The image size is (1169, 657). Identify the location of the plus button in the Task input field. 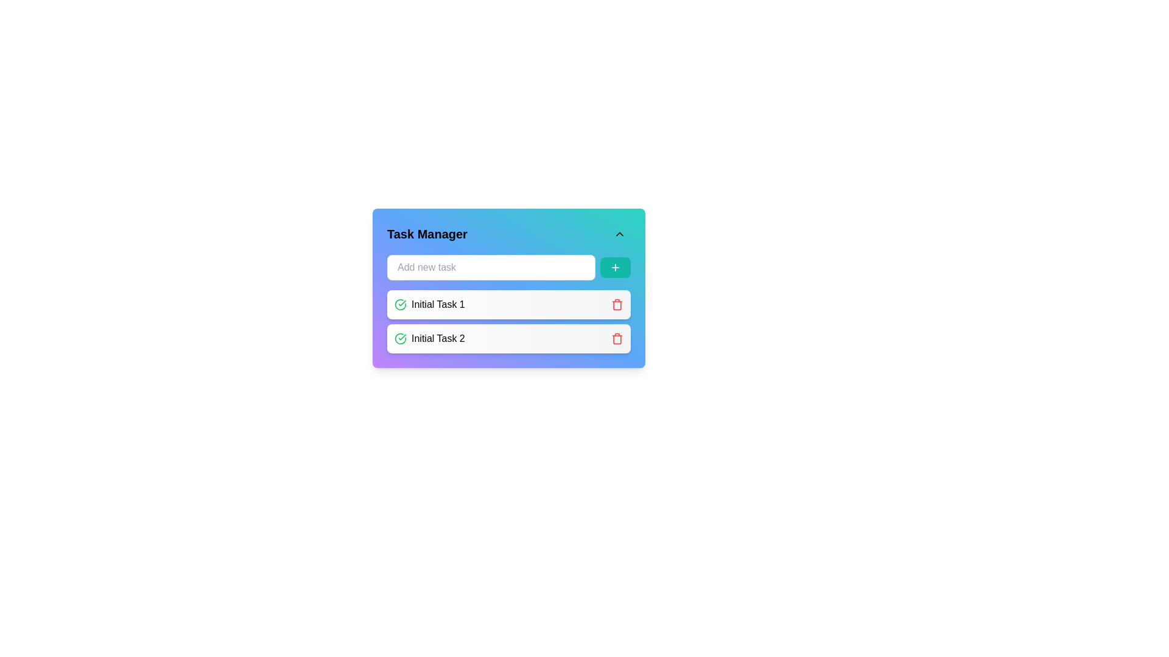
(508, 266).